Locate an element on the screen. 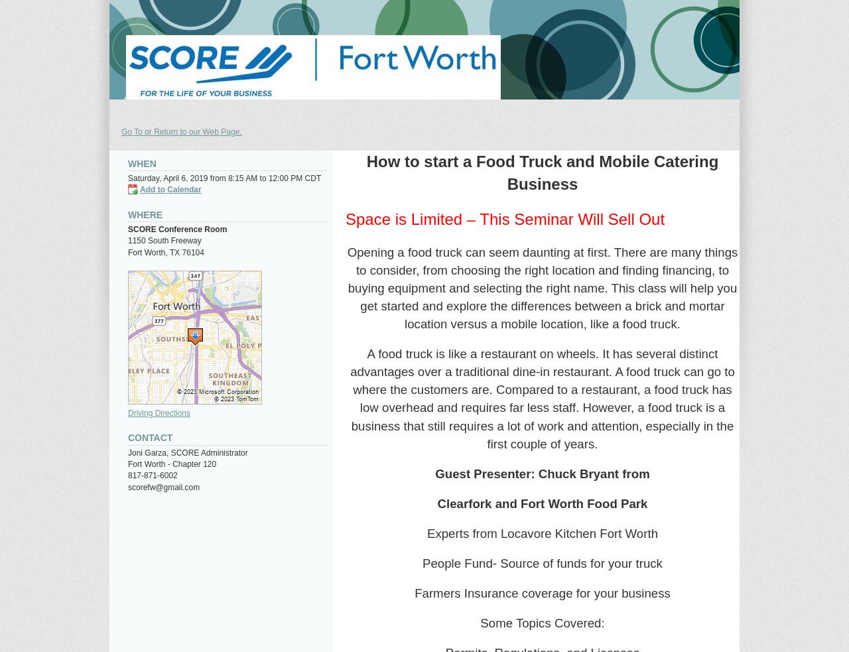  'Joni Garza, SCORE Administrator' is located at coordinates (187, 452).